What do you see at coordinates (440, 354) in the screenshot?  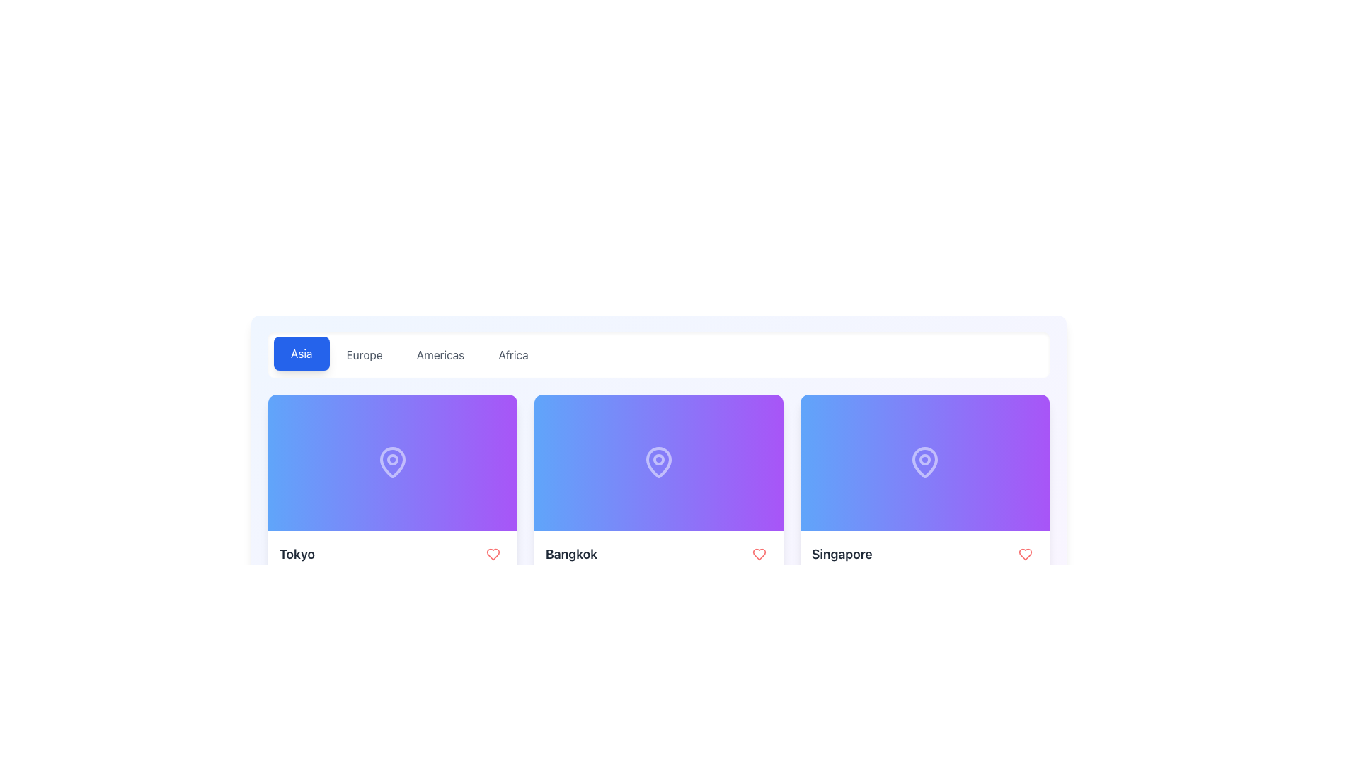 I see `the 'Americas' tab button to trigger the background color change effect` at bounding box center [440, 354].